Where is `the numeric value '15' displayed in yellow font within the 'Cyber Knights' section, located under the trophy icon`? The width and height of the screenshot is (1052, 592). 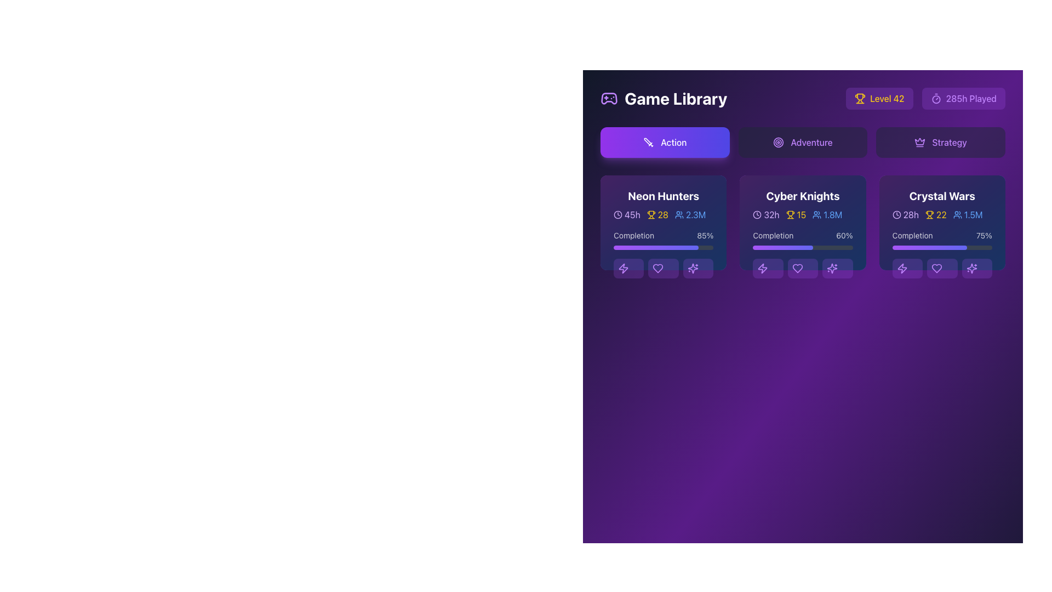 the numeric value '15' displayed in yellow font within the 'Cyber Knights' section, located under the trophy icon is located at coordinates (801, 215).